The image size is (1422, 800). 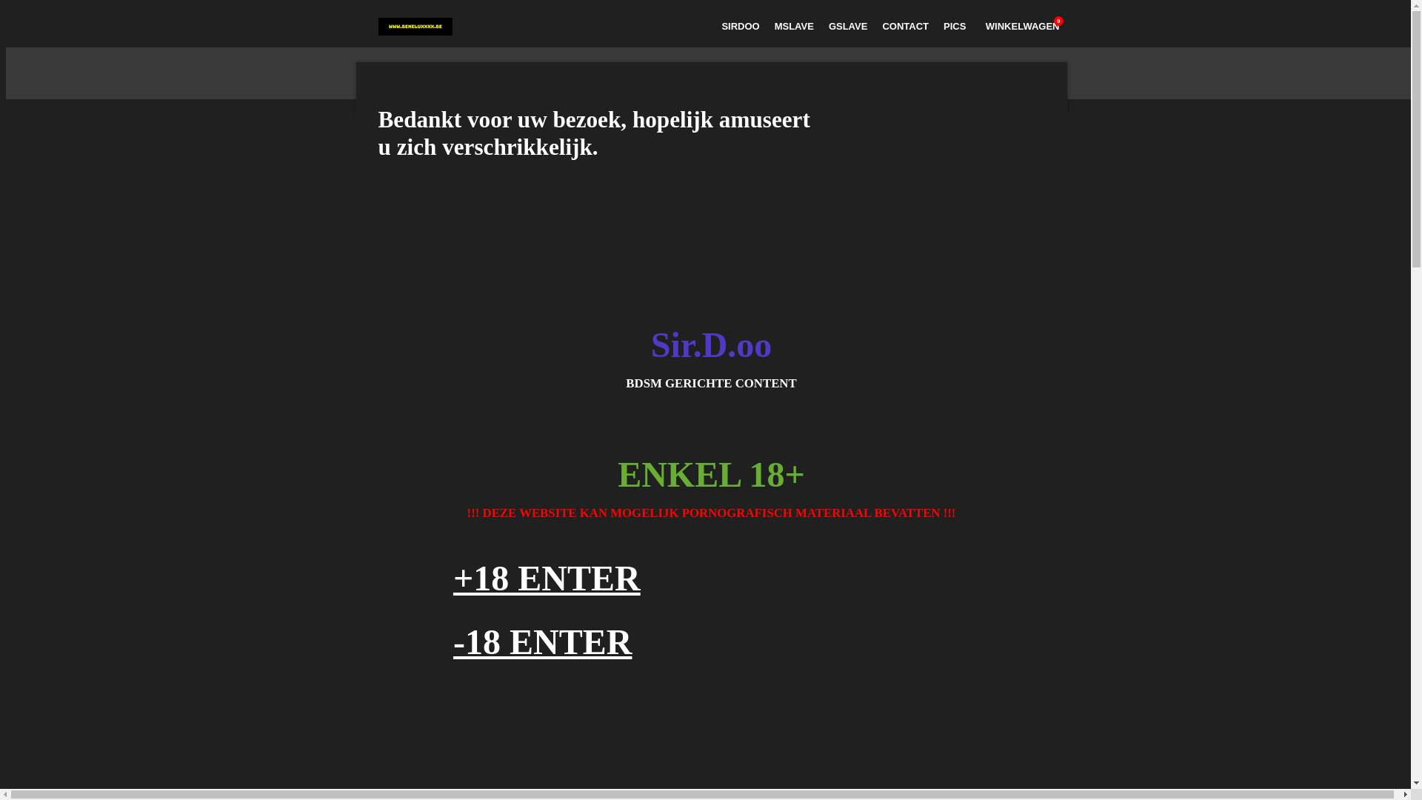 What do you see at coordinates (904, 26) in the screenshot?
I see `'CONTACT'` at bounding box center [904, 26].